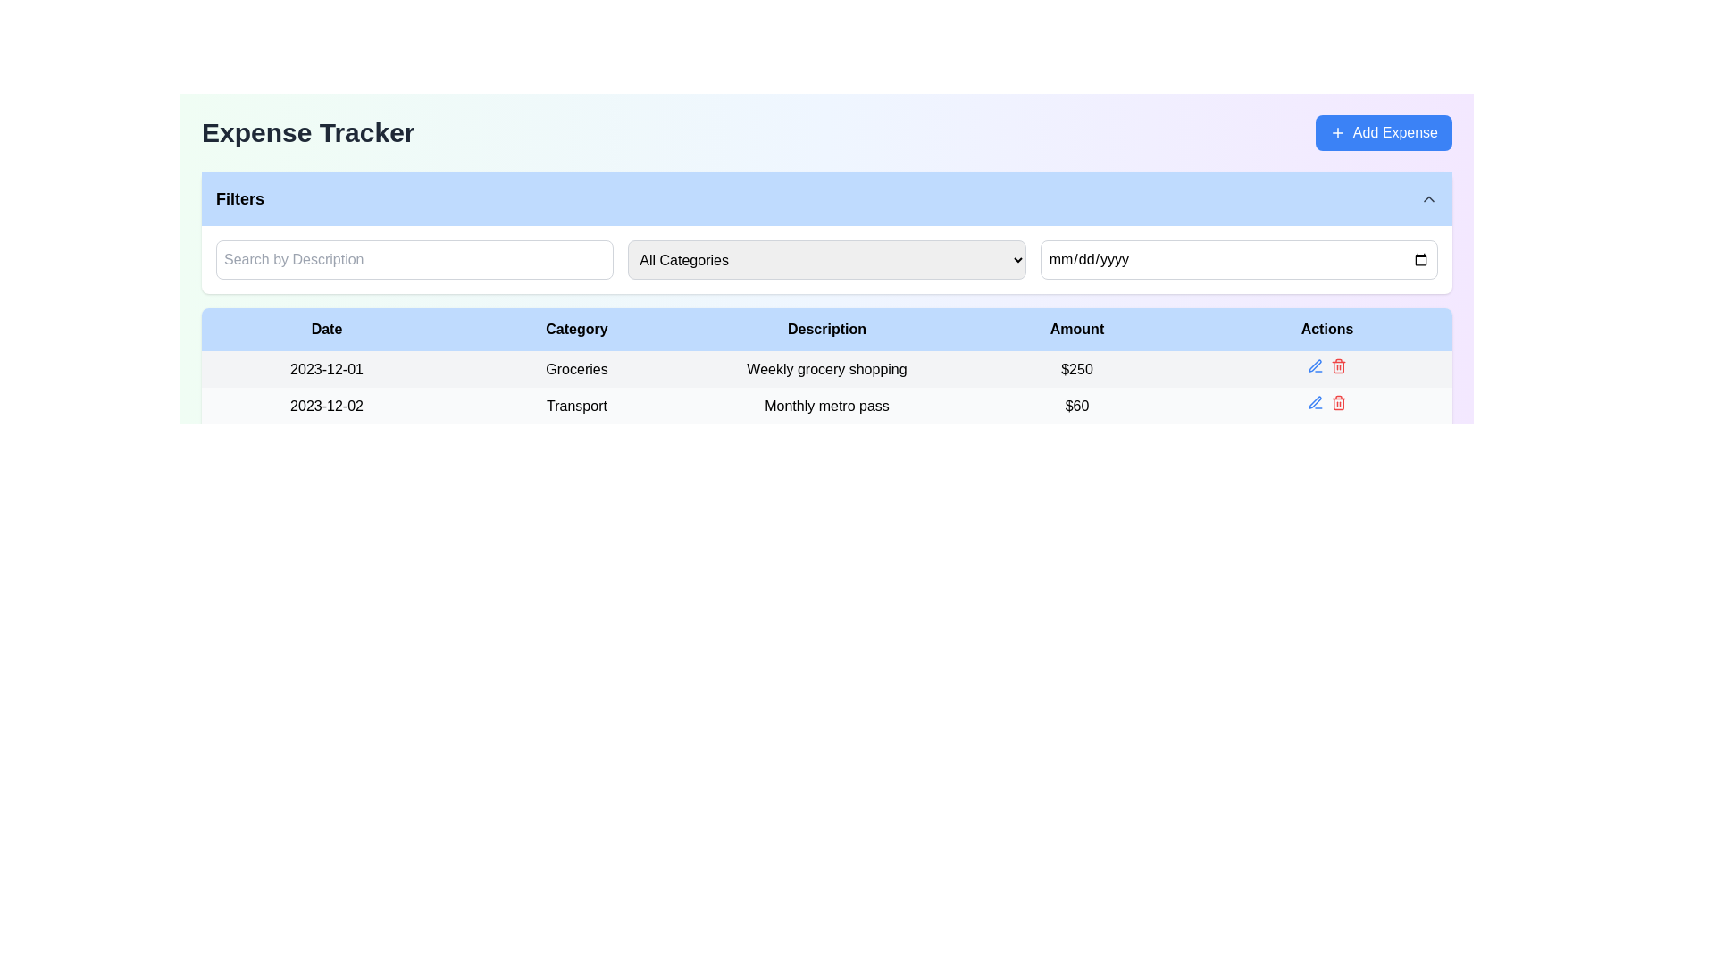 The width and height of the screenshot is (1715, 965). I want to click on the first cell in the 'Date' column displaying the date '2023-12-01' in a tabular layout with a light gray background, so click(326, 368).